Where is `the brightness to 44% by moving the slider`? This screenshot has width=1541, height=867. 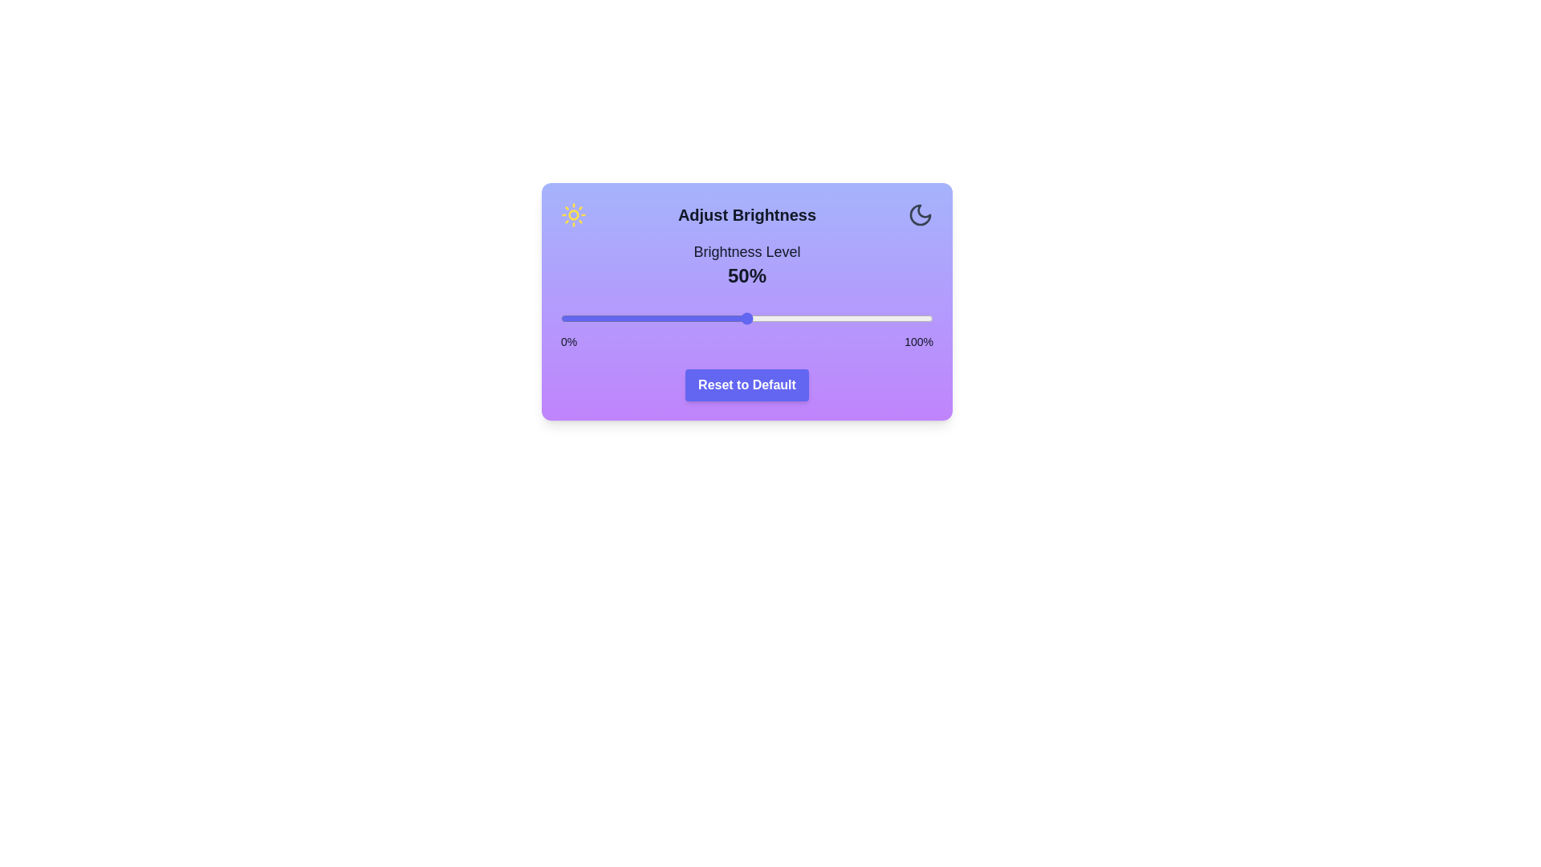 the brightness to 44% by moving the slider is located at coordinates (724, 319).